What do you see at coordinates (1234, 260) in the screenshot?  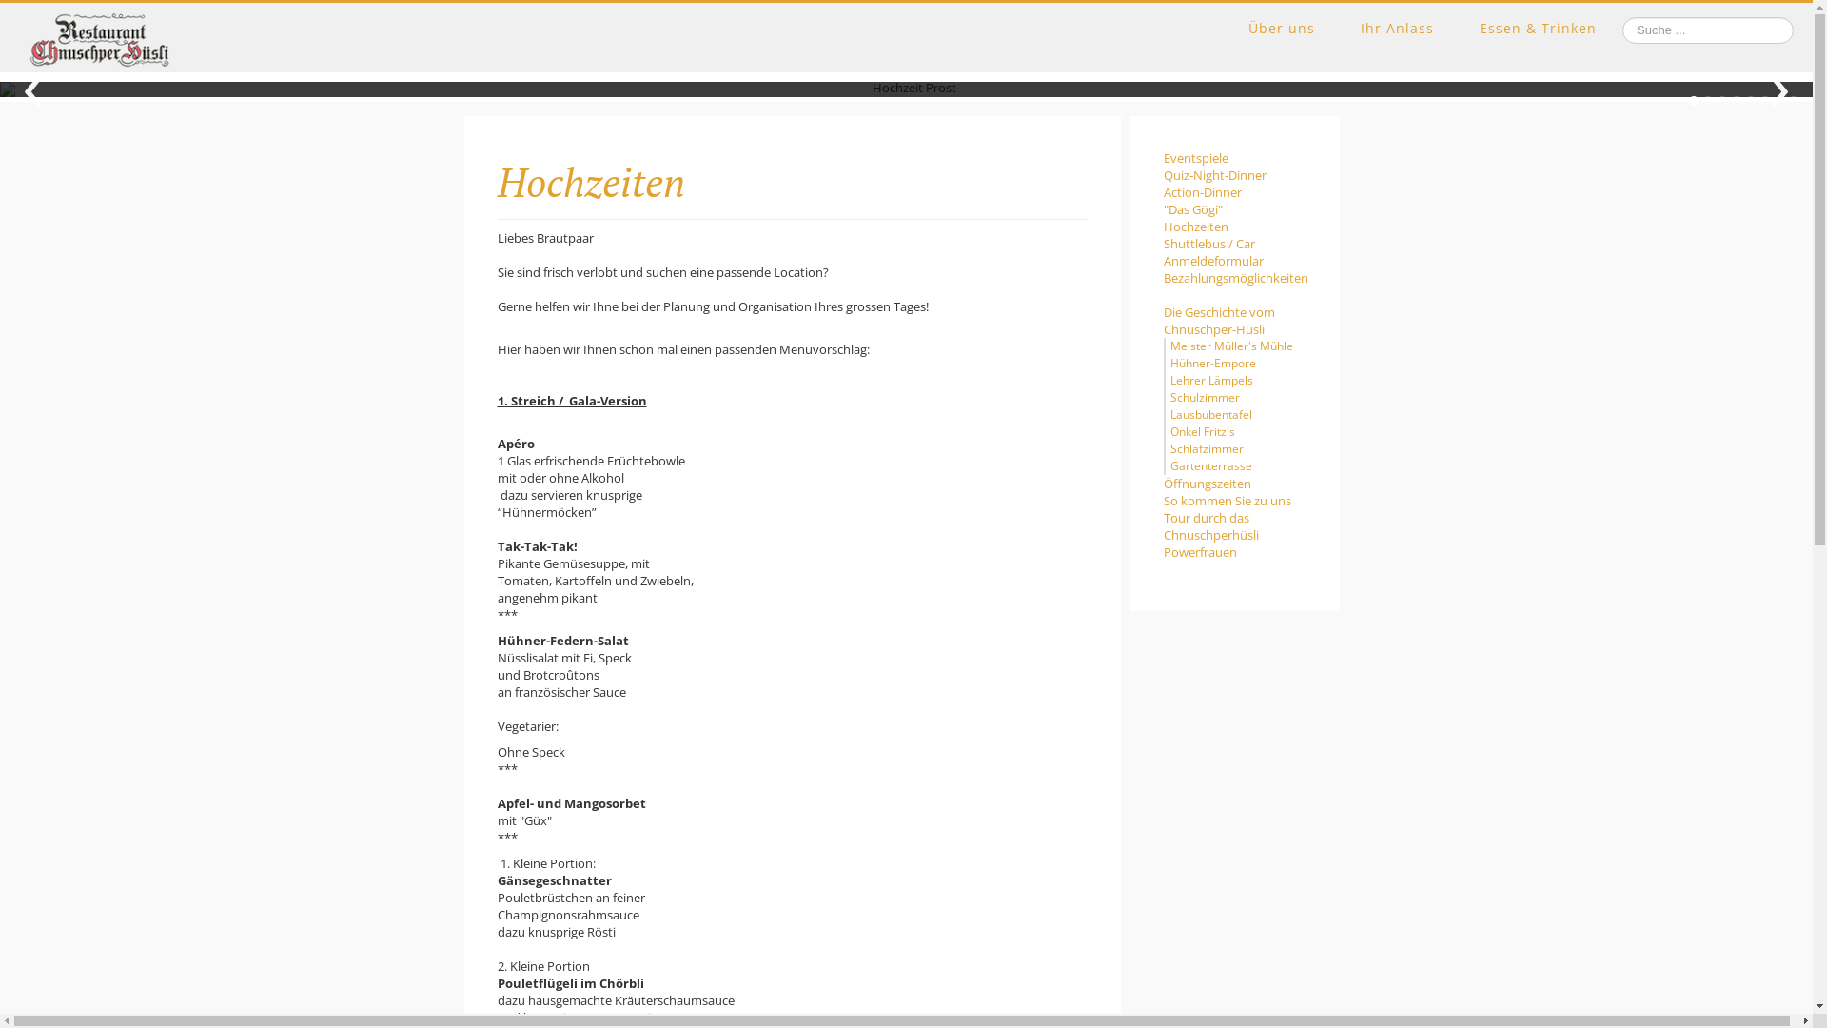 I see `'Anmeldeformular'` at bounding box center [1234, 260].